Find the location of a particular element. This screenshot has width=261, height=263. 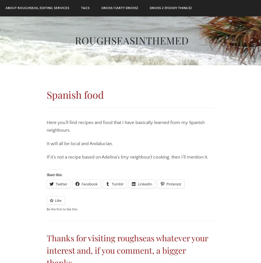

'Share this:' is located at coordinates (54, 174).